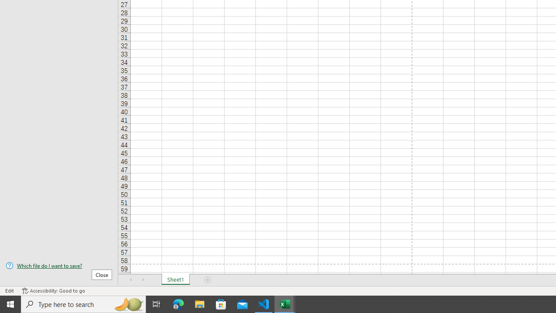 This screenshot has width=556, height=313. What do you see at coordinates (175, 280) in the screenshot?
I see `'Sheet1'` at bounding box center [175, 280].